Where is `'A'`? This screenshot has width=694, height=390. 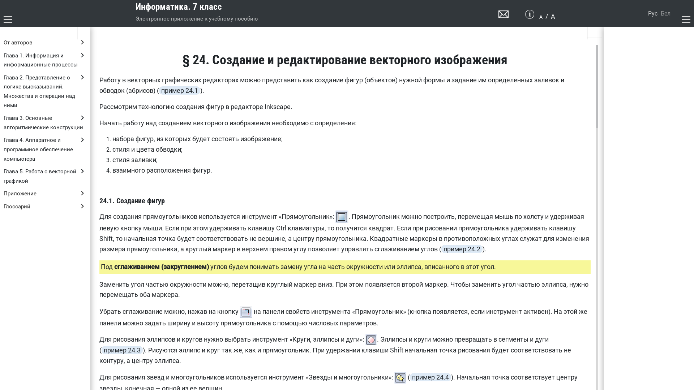 'A' is located at coordinates (541, 16).